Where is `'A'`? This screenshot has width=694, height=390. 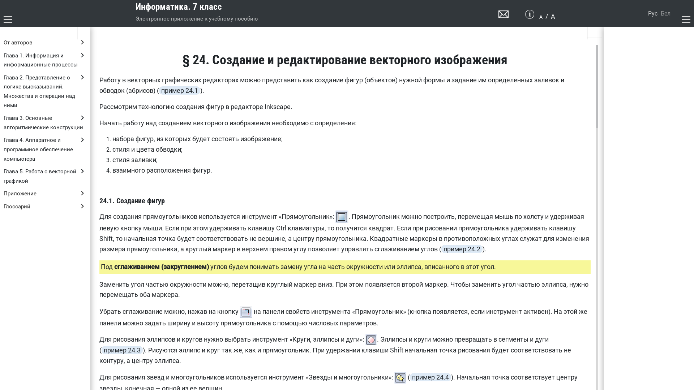 'A' is located at coordinates (541, 16).